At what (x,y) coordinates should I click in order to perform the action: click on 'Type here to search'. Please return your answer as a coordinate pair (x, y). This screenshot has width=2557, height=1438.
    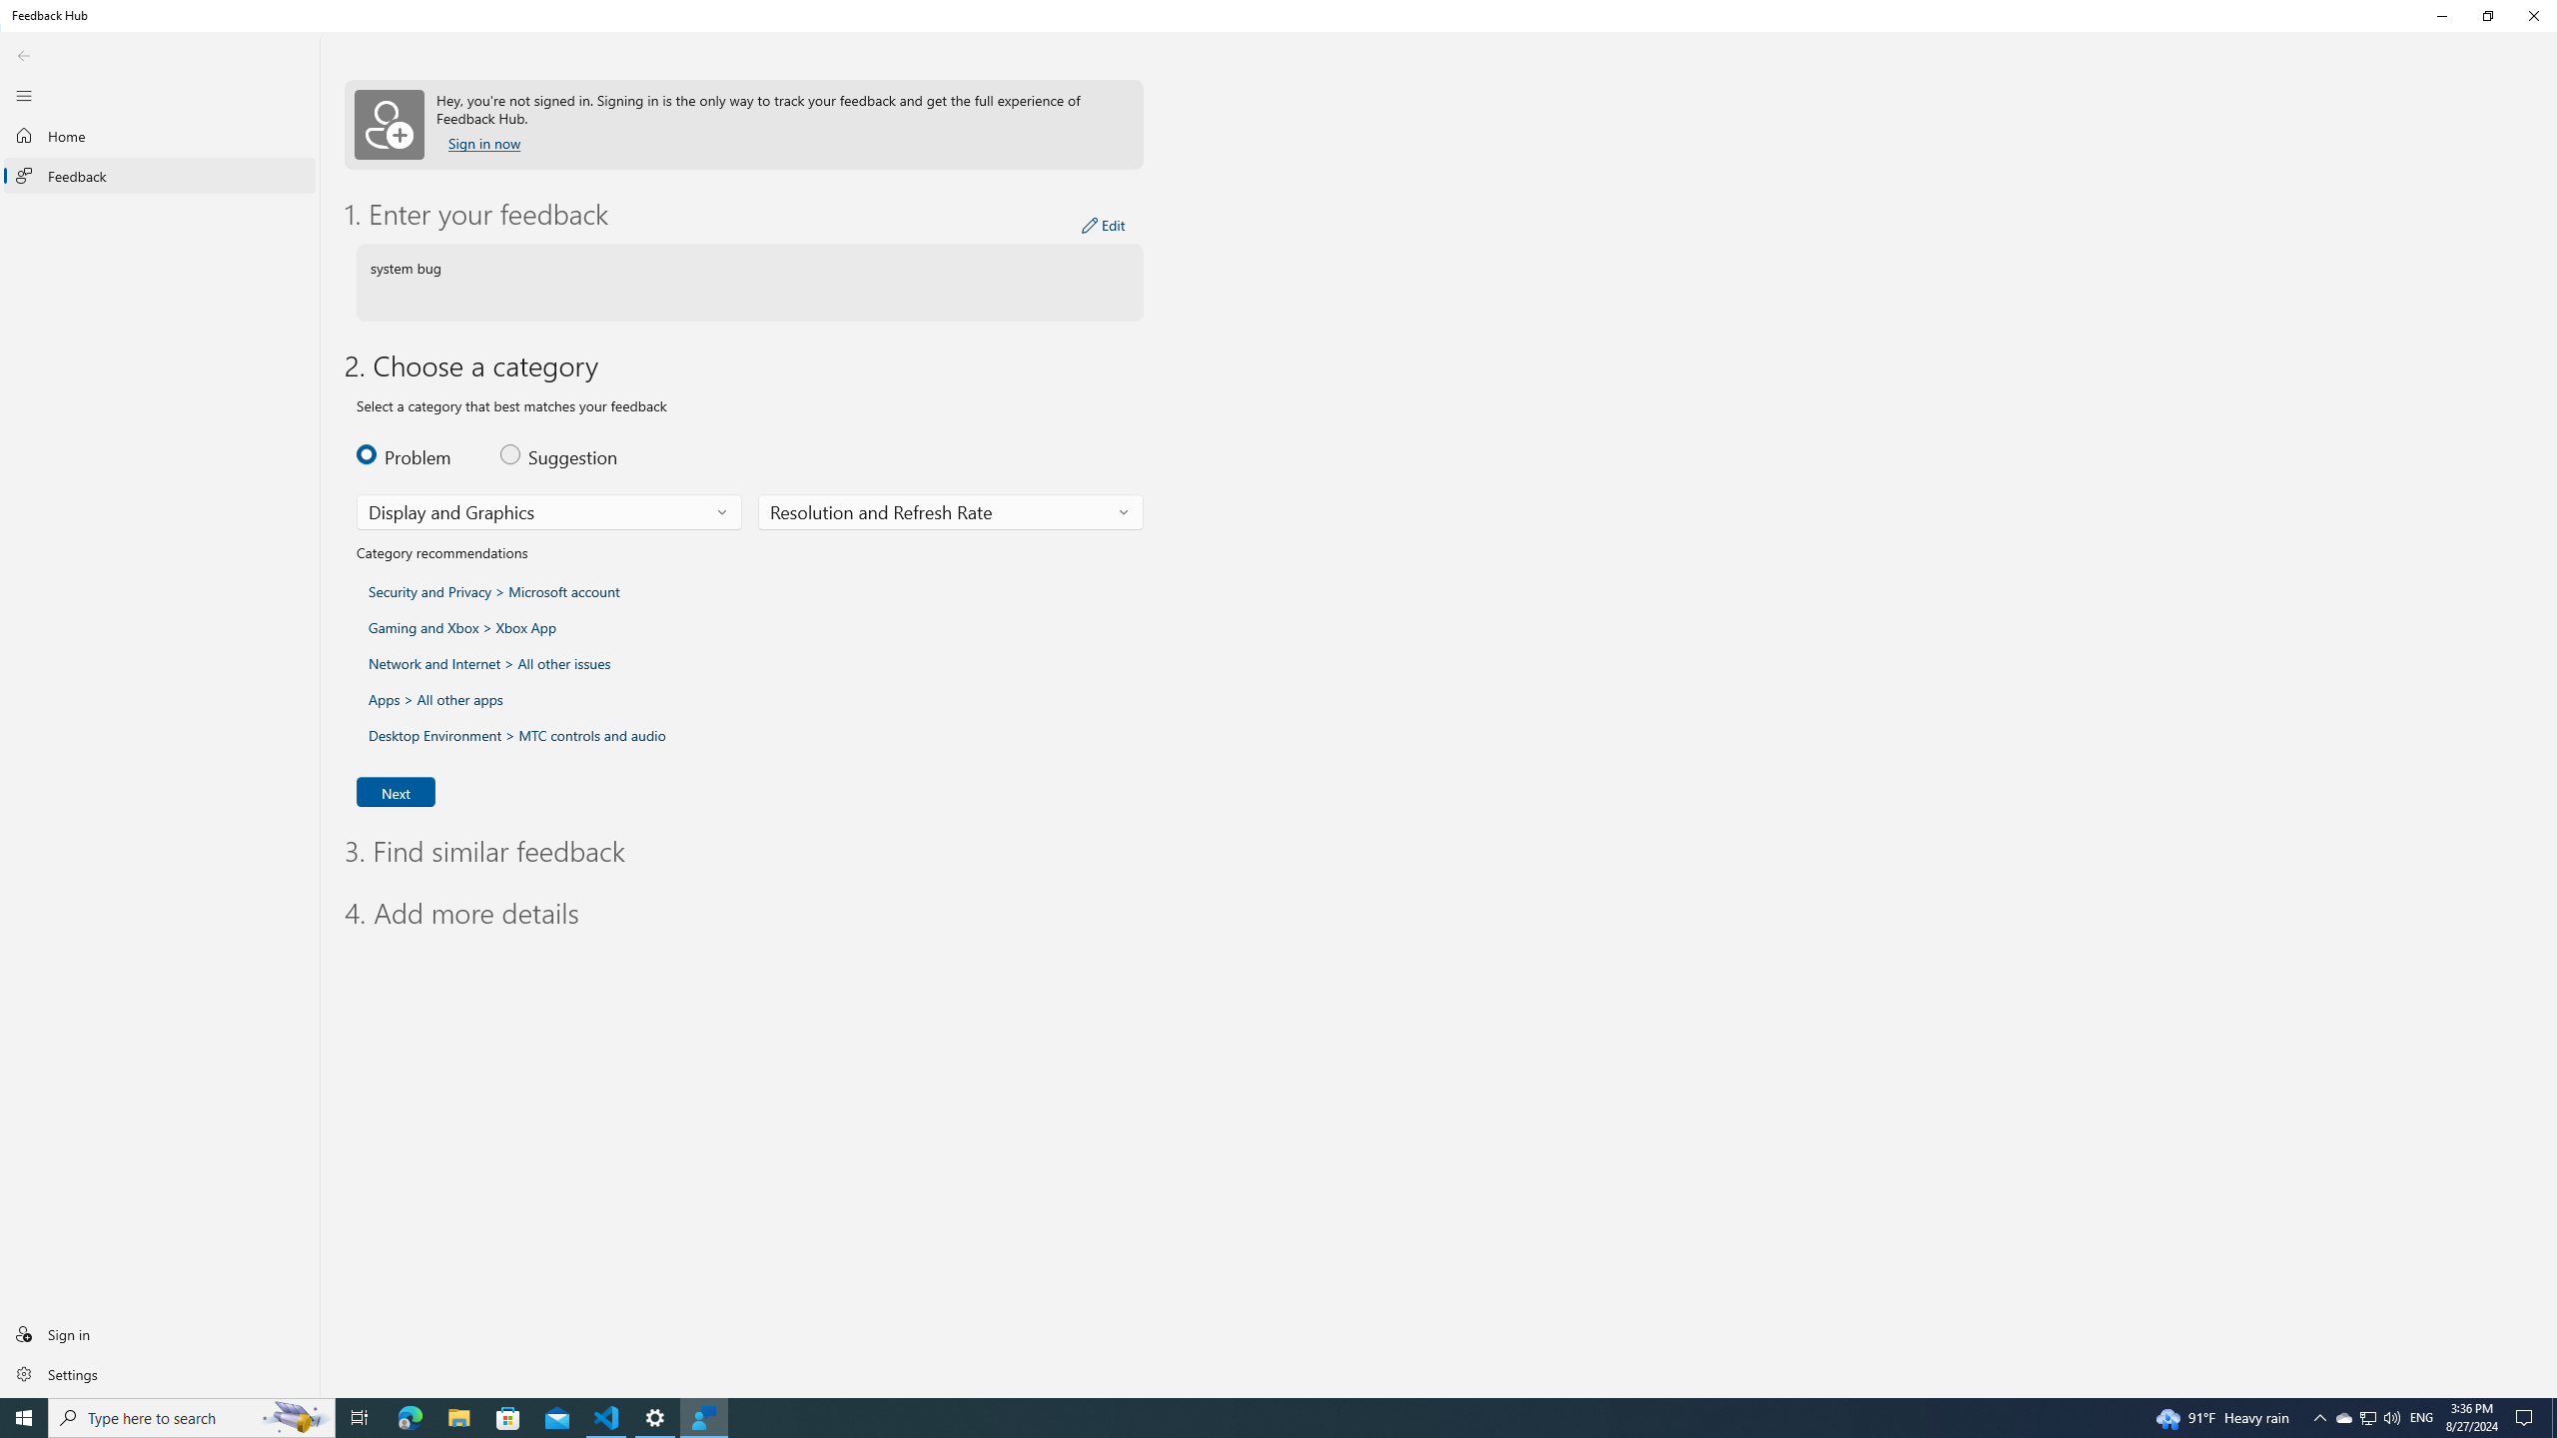
    Looking at the image, I should click on (191, 1416).